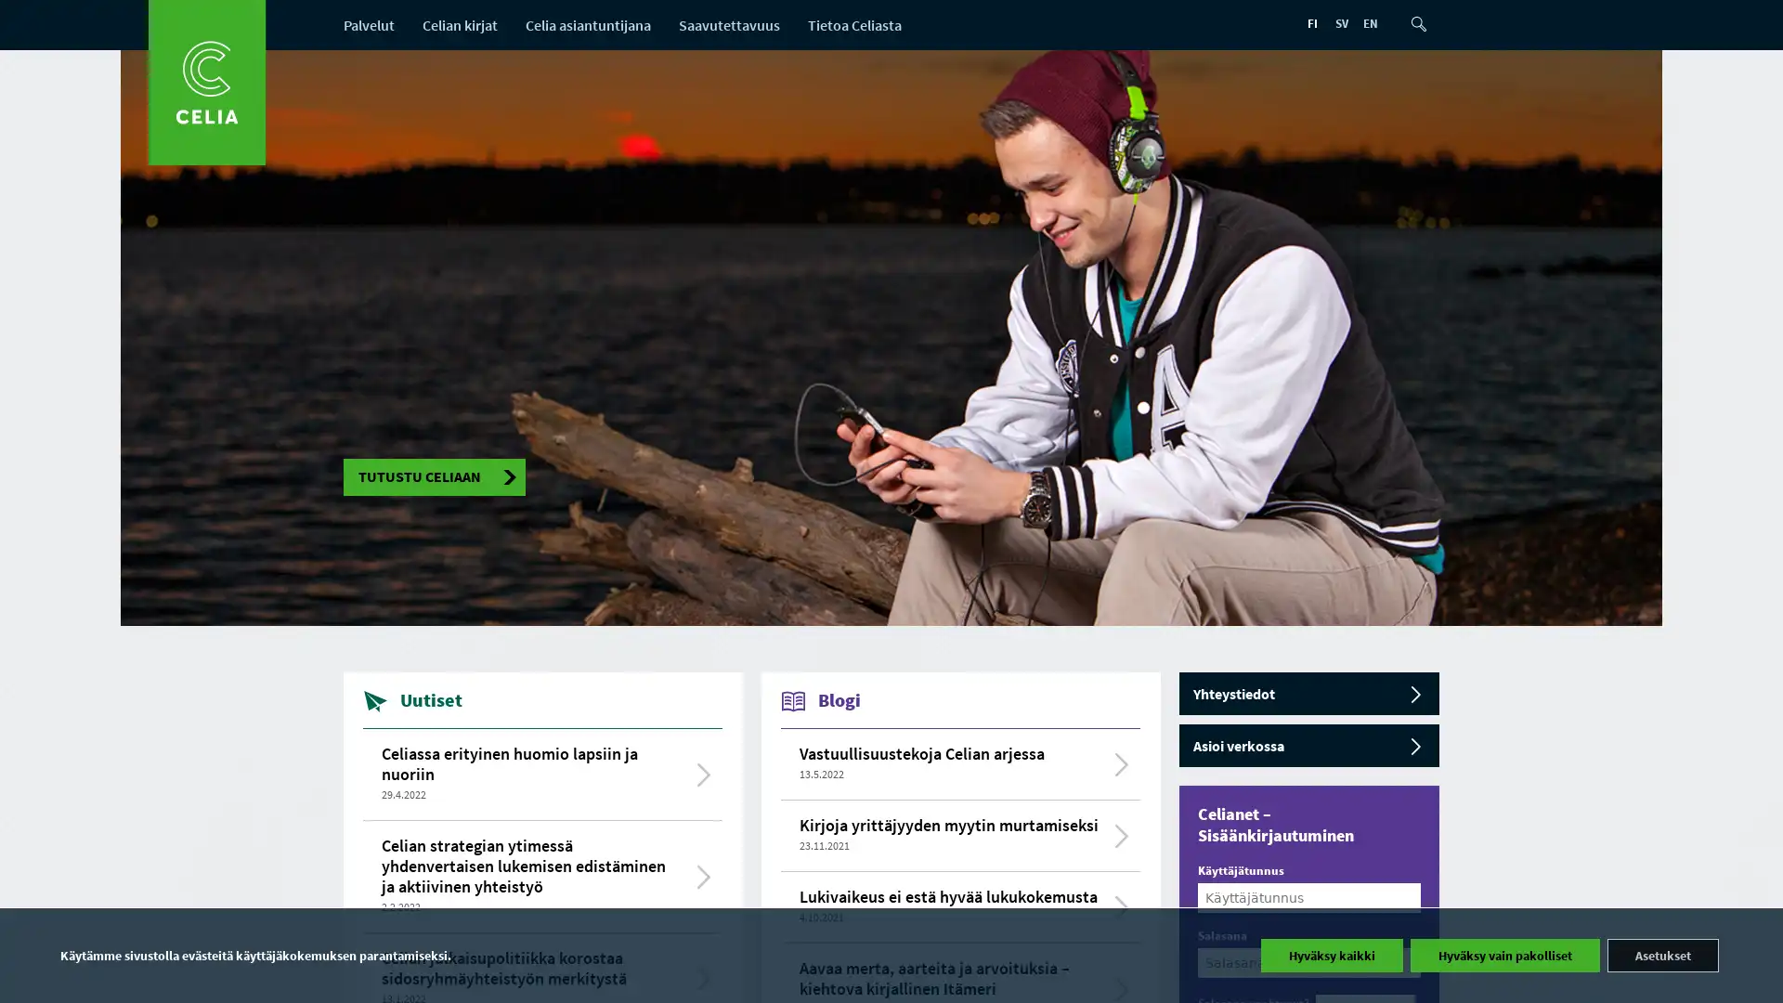 This screenshot has height=1003, width=1783. I want to click on Asetukset, so click(1662, 956).